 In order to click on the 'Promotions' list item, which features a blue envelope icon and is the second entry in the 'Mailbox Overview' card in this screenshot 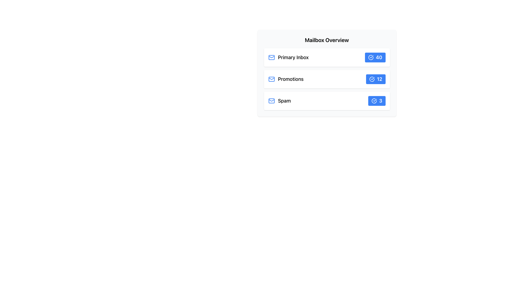, I will do `click(285, 79)`.